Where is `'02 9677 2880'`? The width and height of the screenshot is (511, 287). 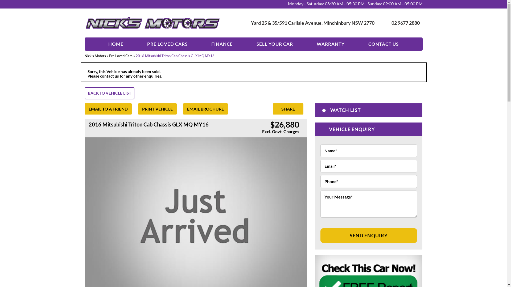 '02 9677 2880' is located at coordinates (391, 22).